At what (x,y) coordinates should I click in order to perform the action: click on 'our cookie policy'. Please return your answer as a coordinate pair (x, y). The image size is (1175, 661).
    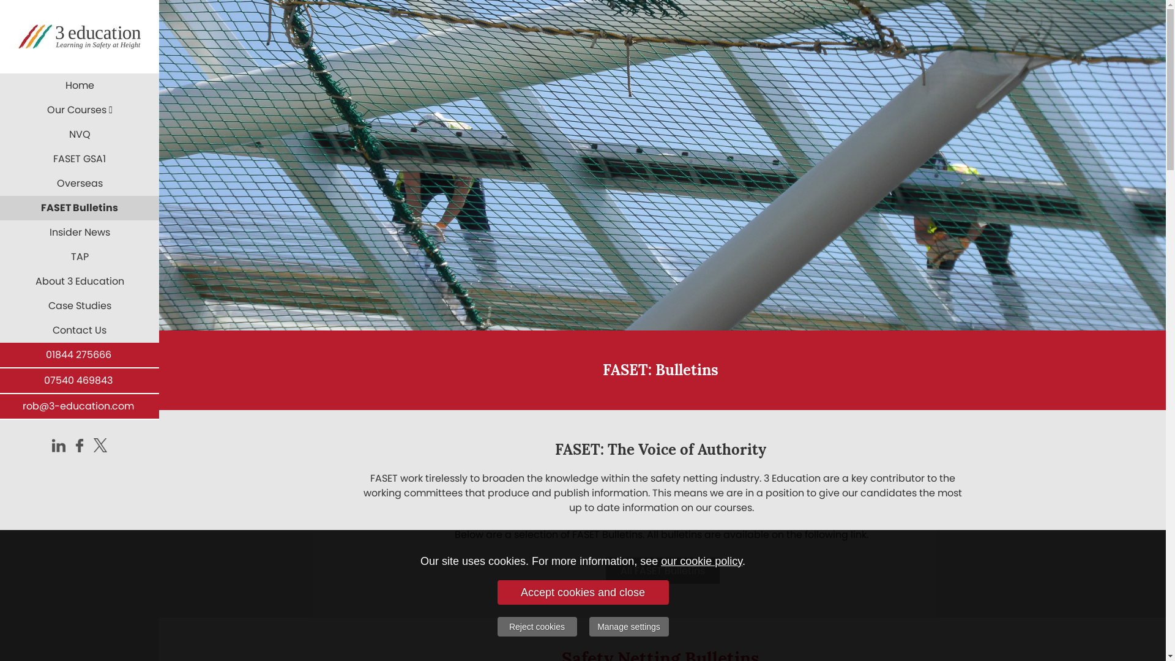
    Looking at the image, I should click on (701, 560).